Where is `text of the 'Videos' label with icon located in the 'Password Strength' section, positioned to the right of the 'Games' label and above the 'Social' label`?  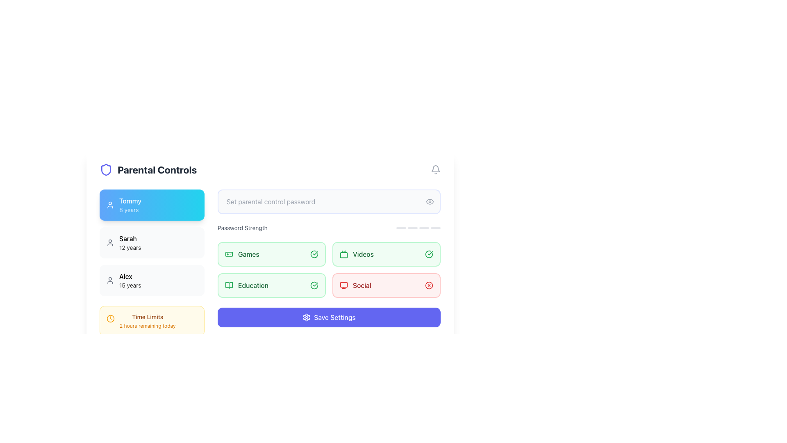 text of the 'Videos' label with icon located in the 'Password Strength' section, positioned to the right of the 'Games' label and above the 'Social' label is located at coordinates (357, 254).